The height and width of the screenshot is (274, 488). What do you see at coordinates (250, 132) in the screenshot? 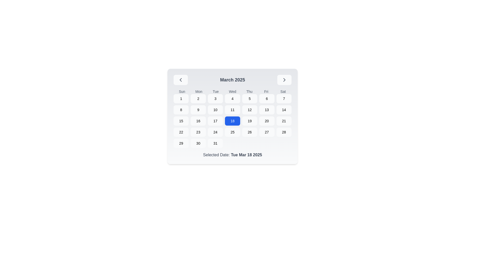
I see `the calendar date button labeled '26'` at bounding box center [250, 132].